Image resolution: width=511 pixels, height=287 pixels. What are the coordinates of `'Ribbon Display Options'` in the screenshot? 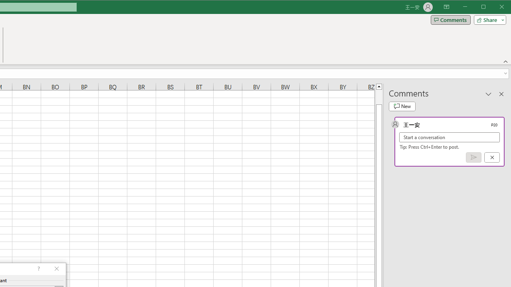 It's located at (446, 7).